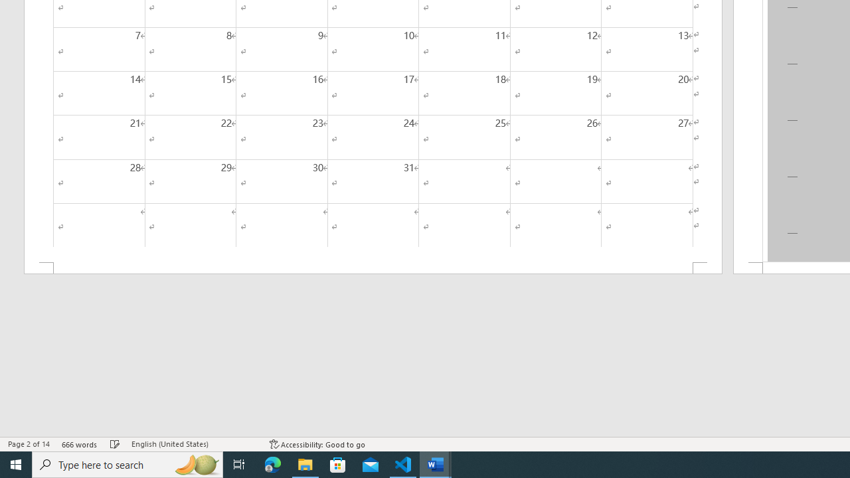  I want to click on 'Word Count 666 words', so click(79, 444).